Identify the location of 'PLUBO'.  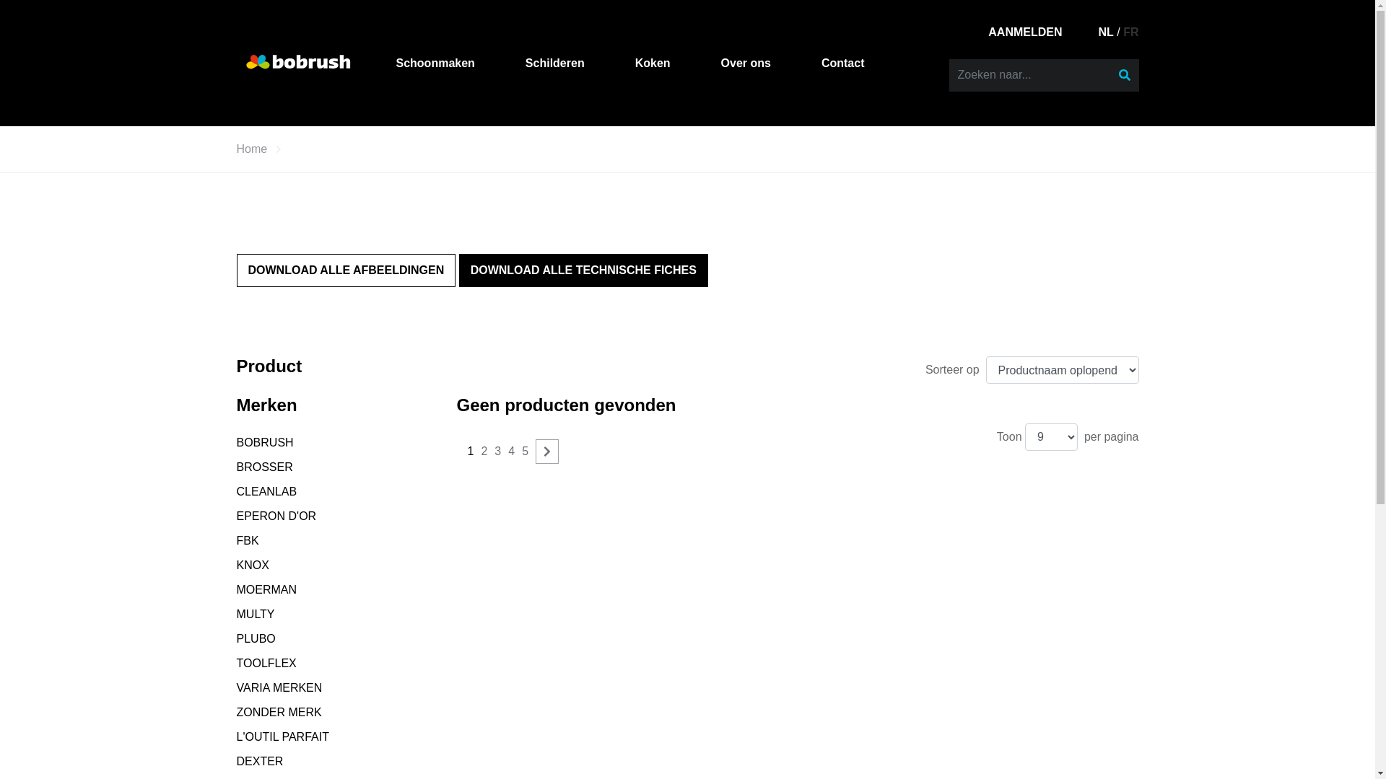
(256, 638).